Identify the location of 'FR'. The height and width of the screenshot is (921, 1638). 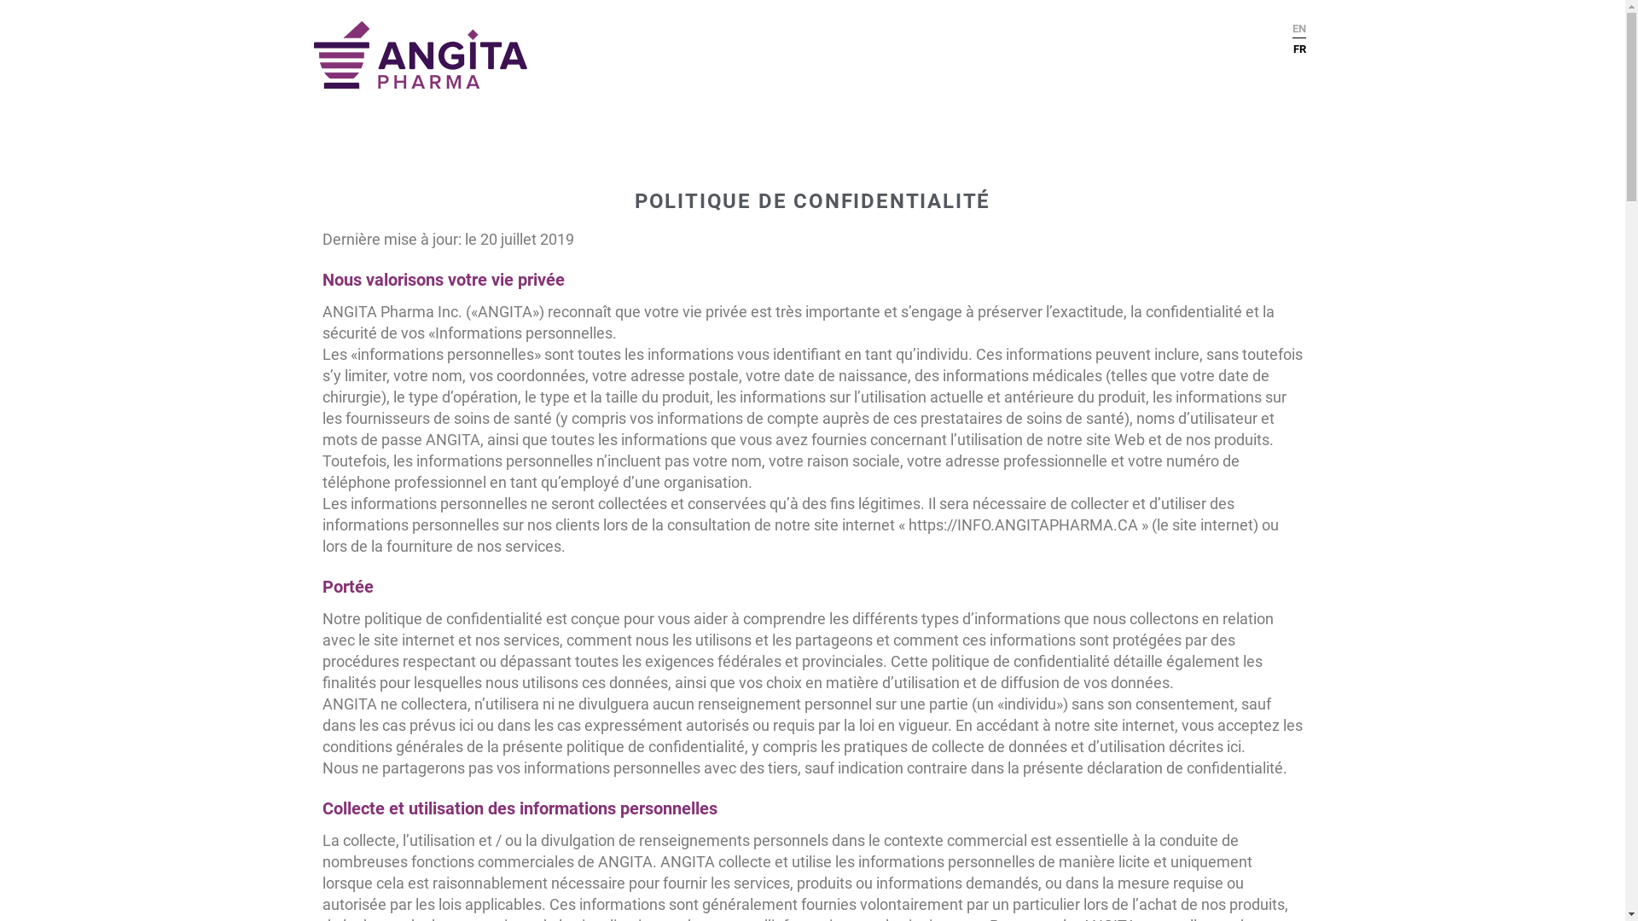
(1292, 45).